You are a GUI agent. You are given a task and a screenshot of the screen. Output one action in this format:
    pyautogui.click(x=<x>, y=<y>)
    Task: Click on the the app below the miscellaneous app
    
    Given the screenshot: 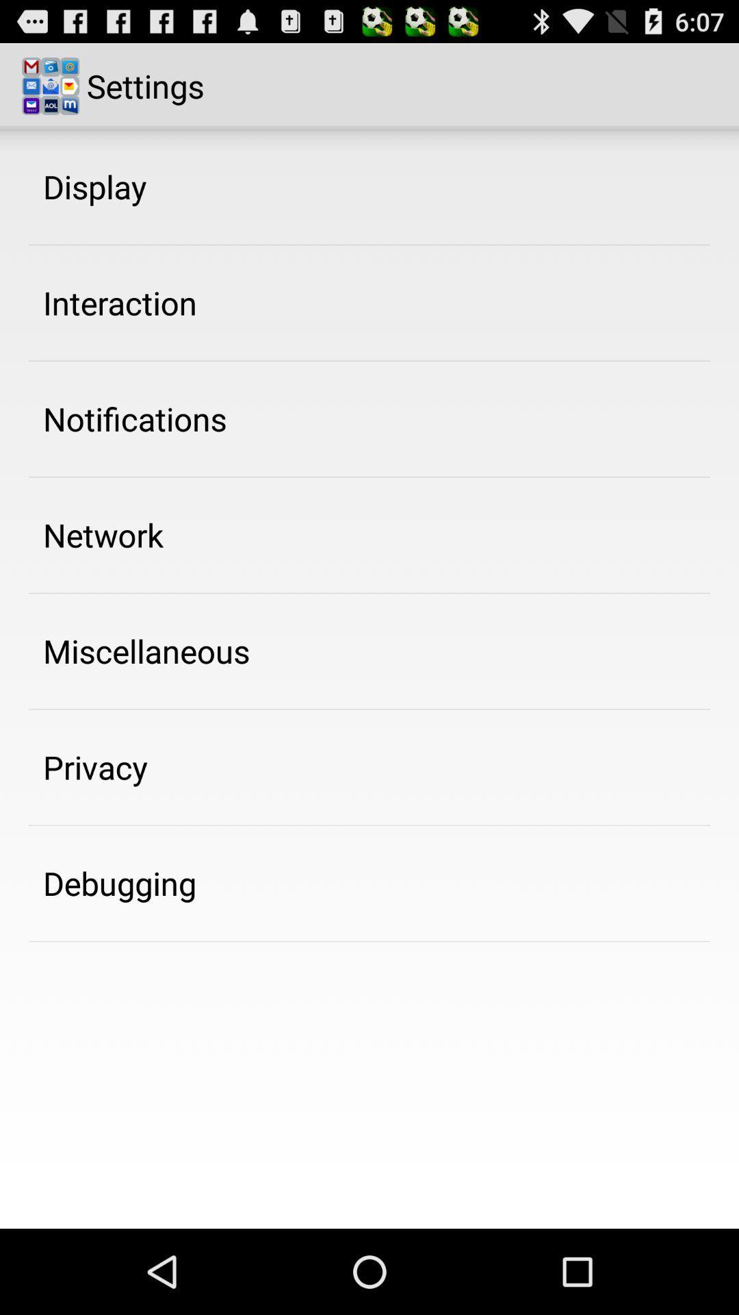 What is the action you would take?
    pyautogui.click(x=94, y=767)
    